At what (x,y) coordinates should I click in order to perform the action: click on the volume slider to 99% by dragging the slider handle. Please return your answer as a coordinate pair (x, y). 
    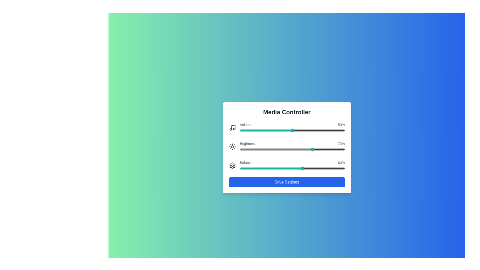
    Looking at the image, I should click on (343, 130).